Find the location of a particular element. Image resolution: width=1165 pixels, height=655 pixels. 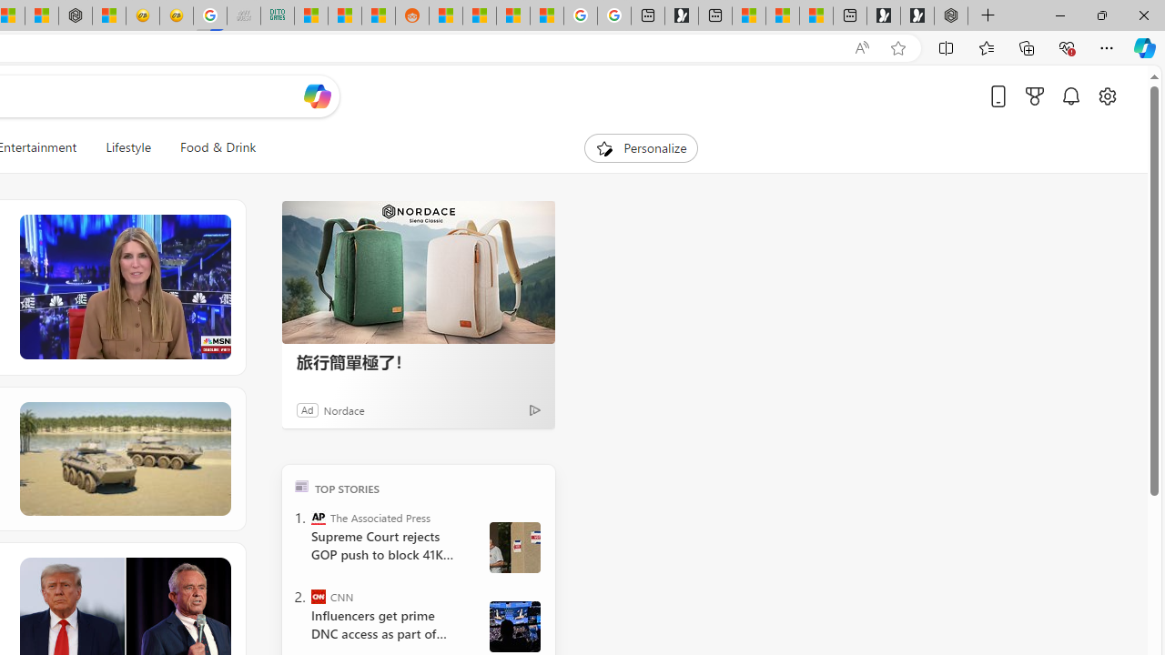

'Personalize' is located at coordinates (641, 147).